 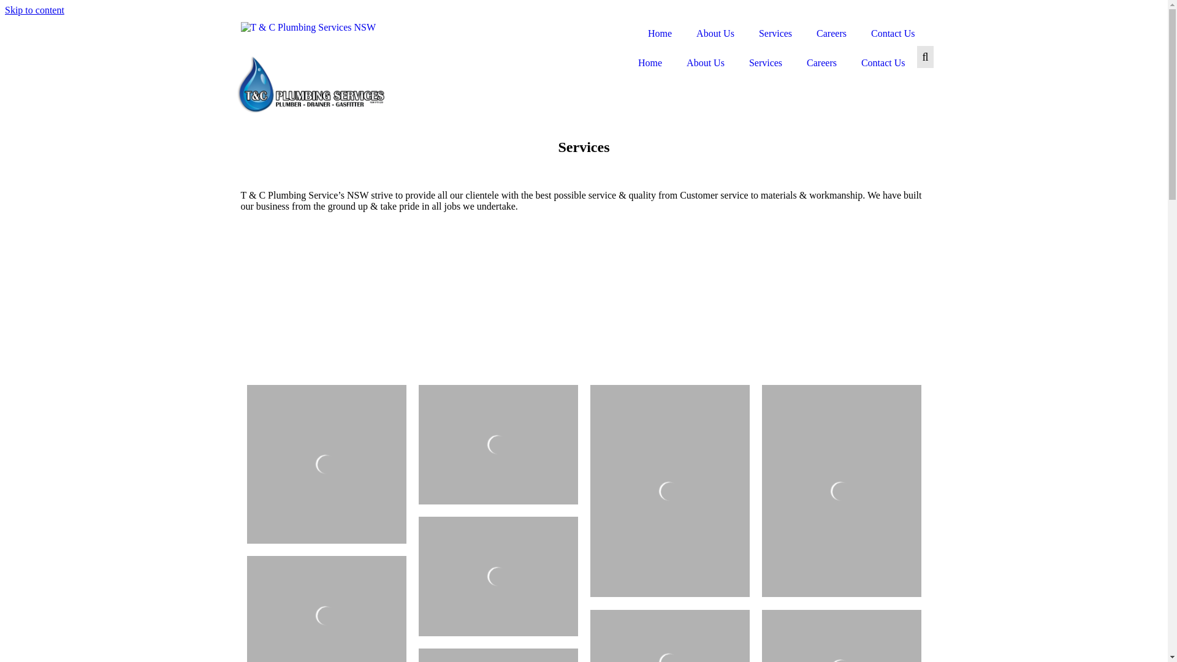 What do you see at coordinates (821, 63) in the screenshot?
I see `'Careers'` at bounding box center [821, 63].